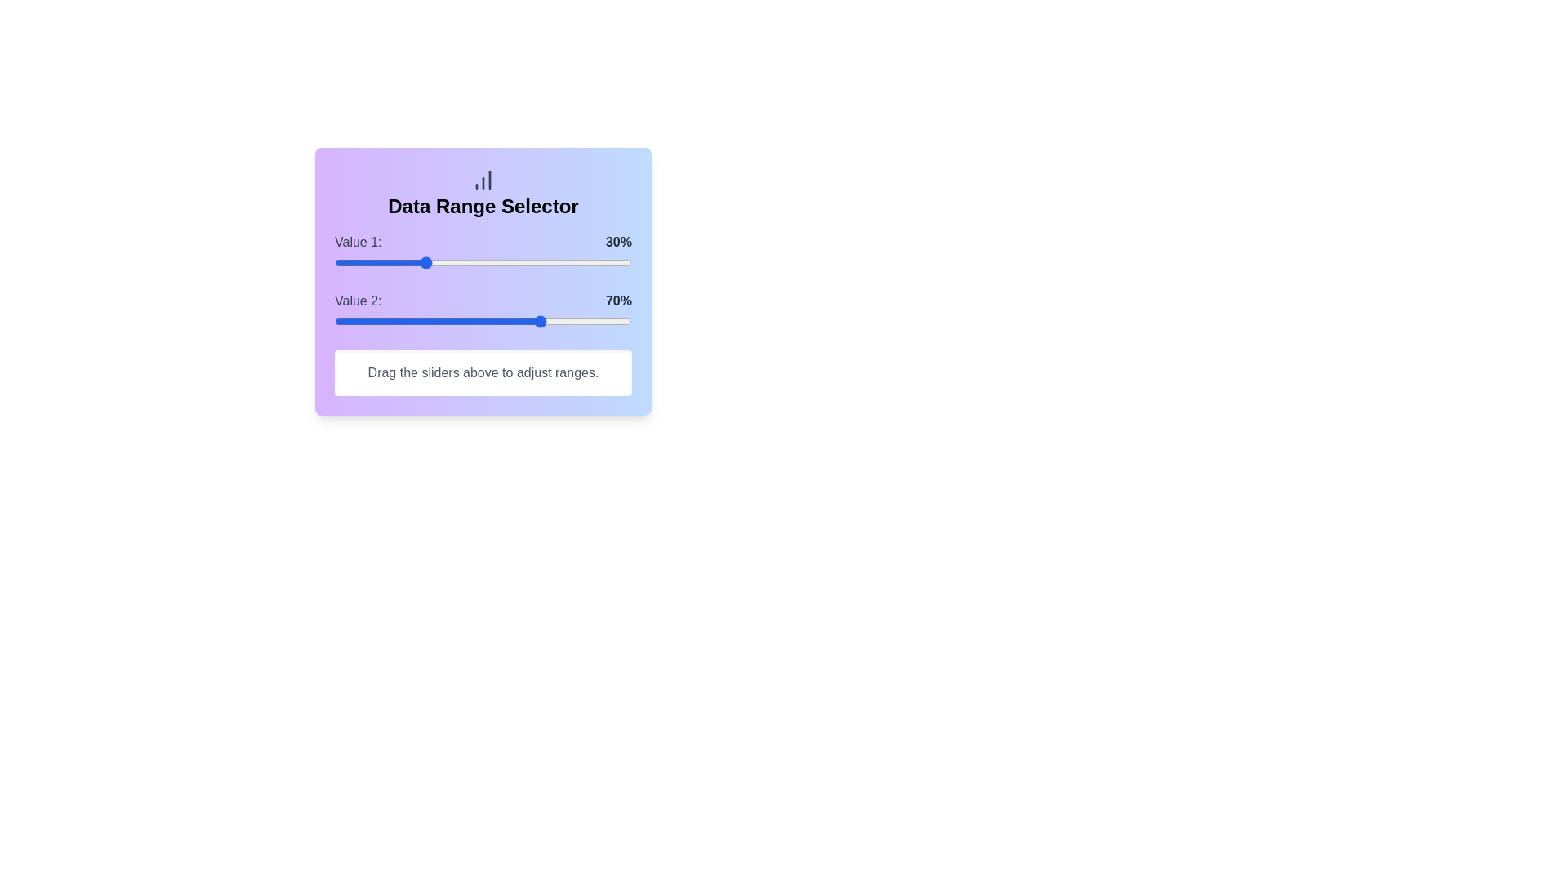 This screenshot has width=1568, height=882. I want to click on the slider for Value 1 to set its percentage to 10, so click(363, 261).